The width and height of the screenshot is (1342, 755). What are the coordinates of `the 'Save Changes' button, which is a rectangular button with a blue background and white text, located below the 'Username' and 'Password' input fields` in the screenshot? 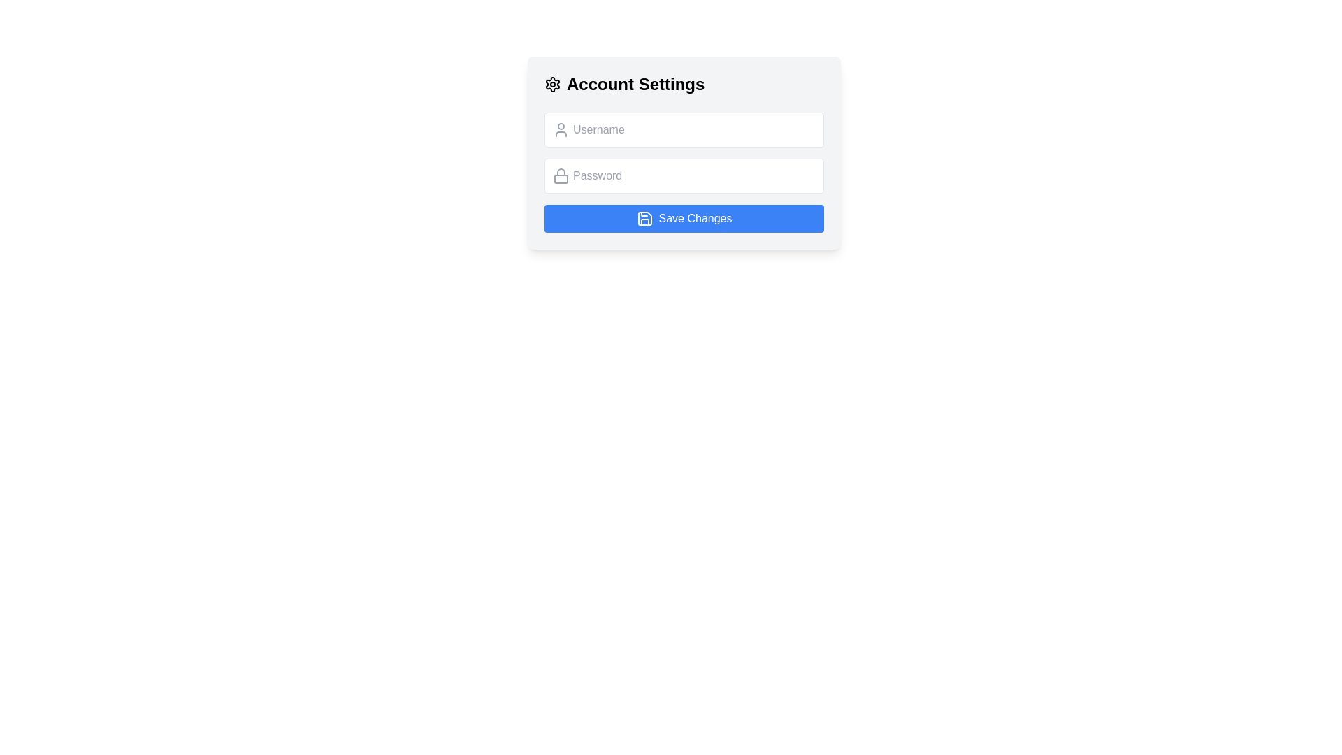 It's located at (684, 218).